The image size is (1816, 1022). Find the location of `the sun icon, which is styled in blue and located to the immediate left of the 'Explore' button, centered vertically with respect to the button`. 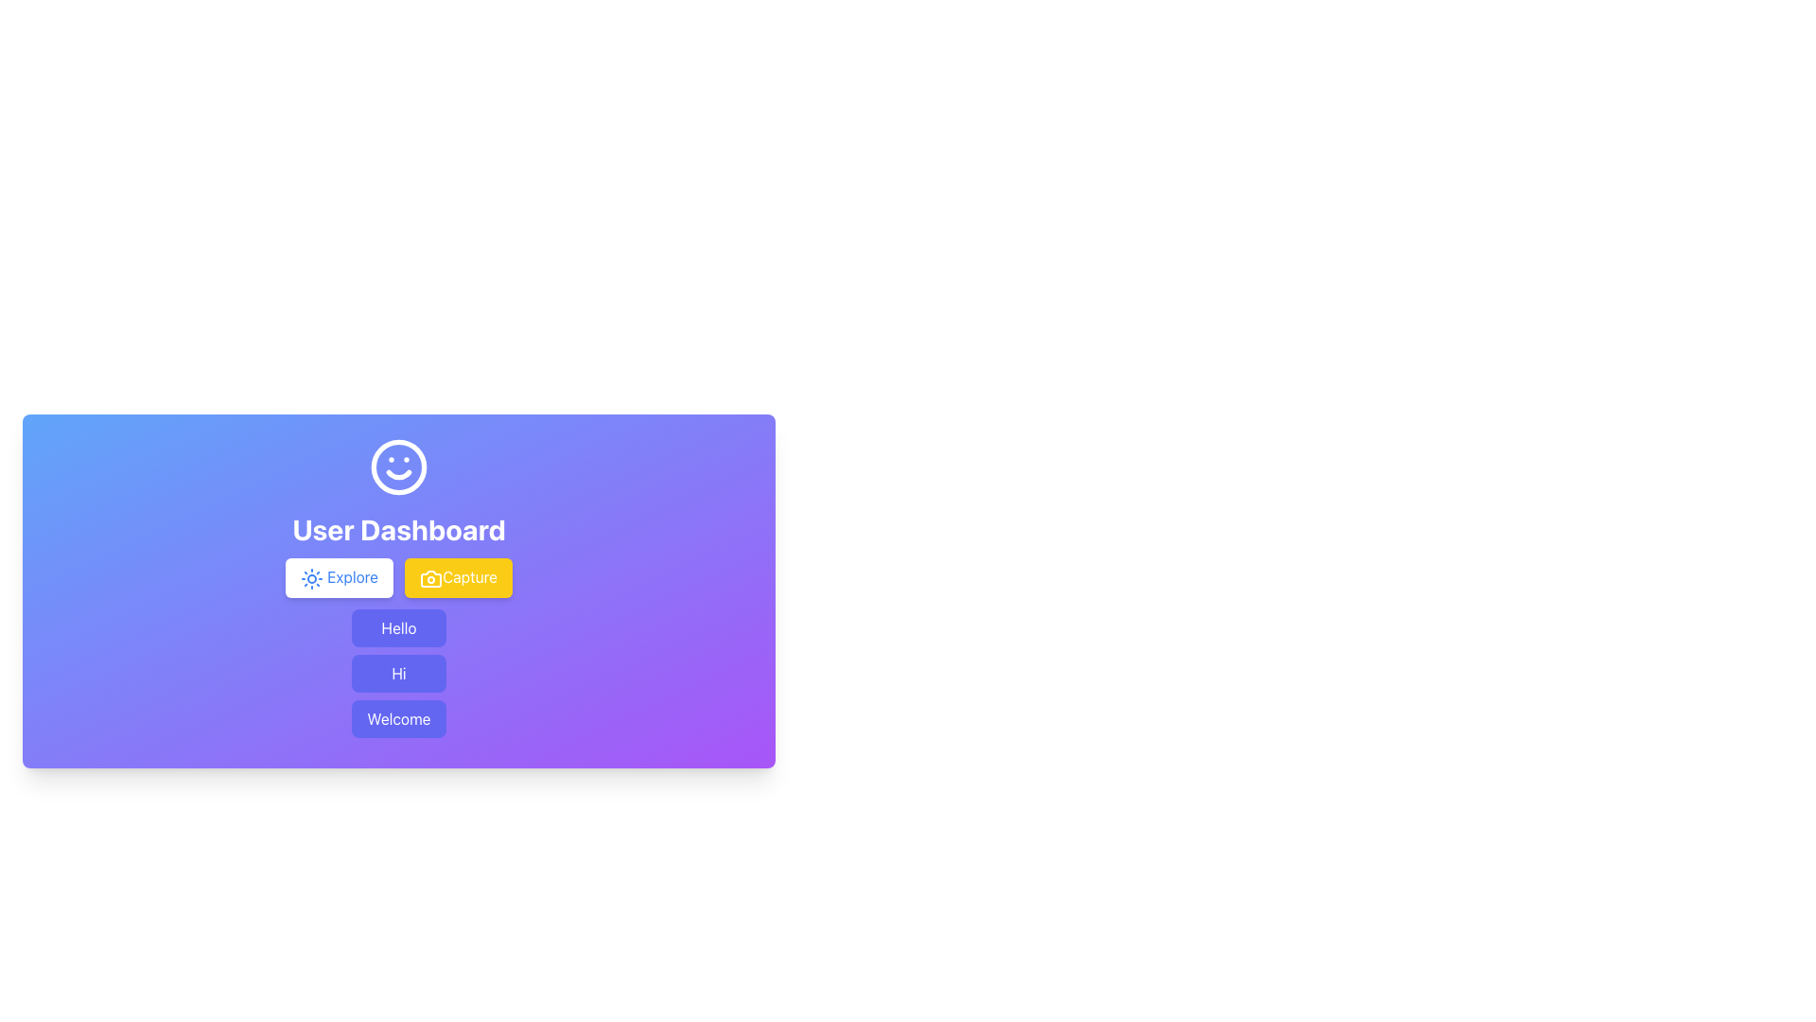

the sun icon, which is styled in blue and located to the immediate left of the 'Explore' button, centered vertically with respect to the button is located at coordinates (311, 577).